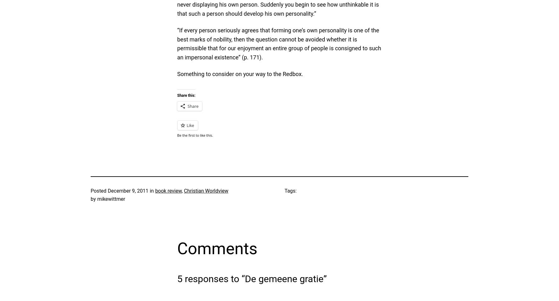  What do you see at coordinates (206, 191) in the screenshot?
I see `'Christian Worldview'` at bounding box center [206, 191].